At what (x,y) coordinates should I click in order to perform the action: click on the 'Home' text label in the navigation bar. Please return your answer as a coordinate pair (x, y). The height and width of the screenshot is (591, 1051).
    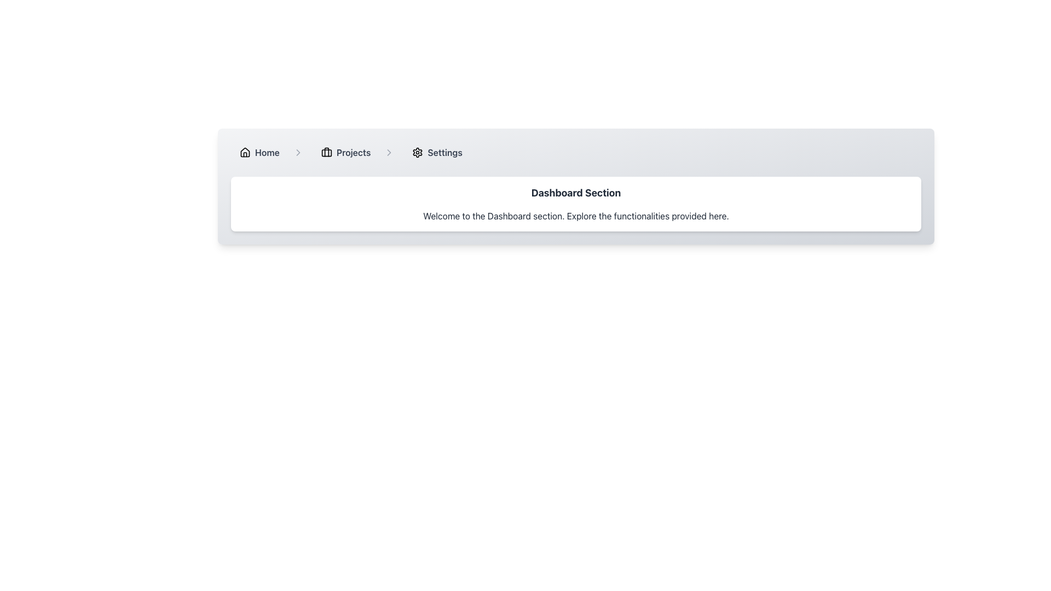
    Looking at the image, I should click on (267, 152).